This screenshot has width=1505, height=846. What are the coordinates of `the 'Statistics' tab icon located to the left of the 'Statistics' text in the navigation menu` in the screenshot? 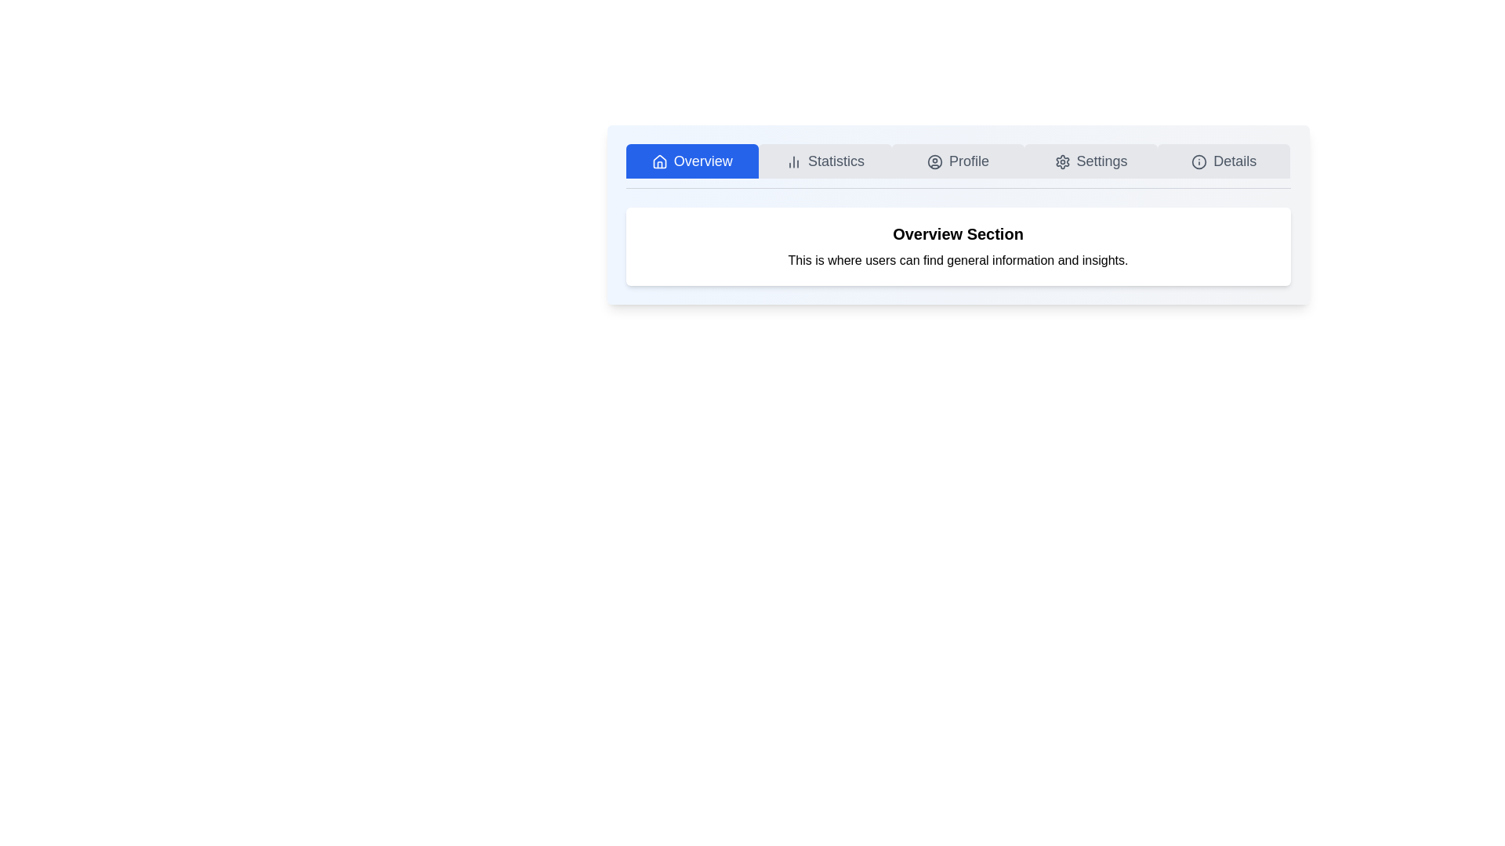 It's located at (793, 162).